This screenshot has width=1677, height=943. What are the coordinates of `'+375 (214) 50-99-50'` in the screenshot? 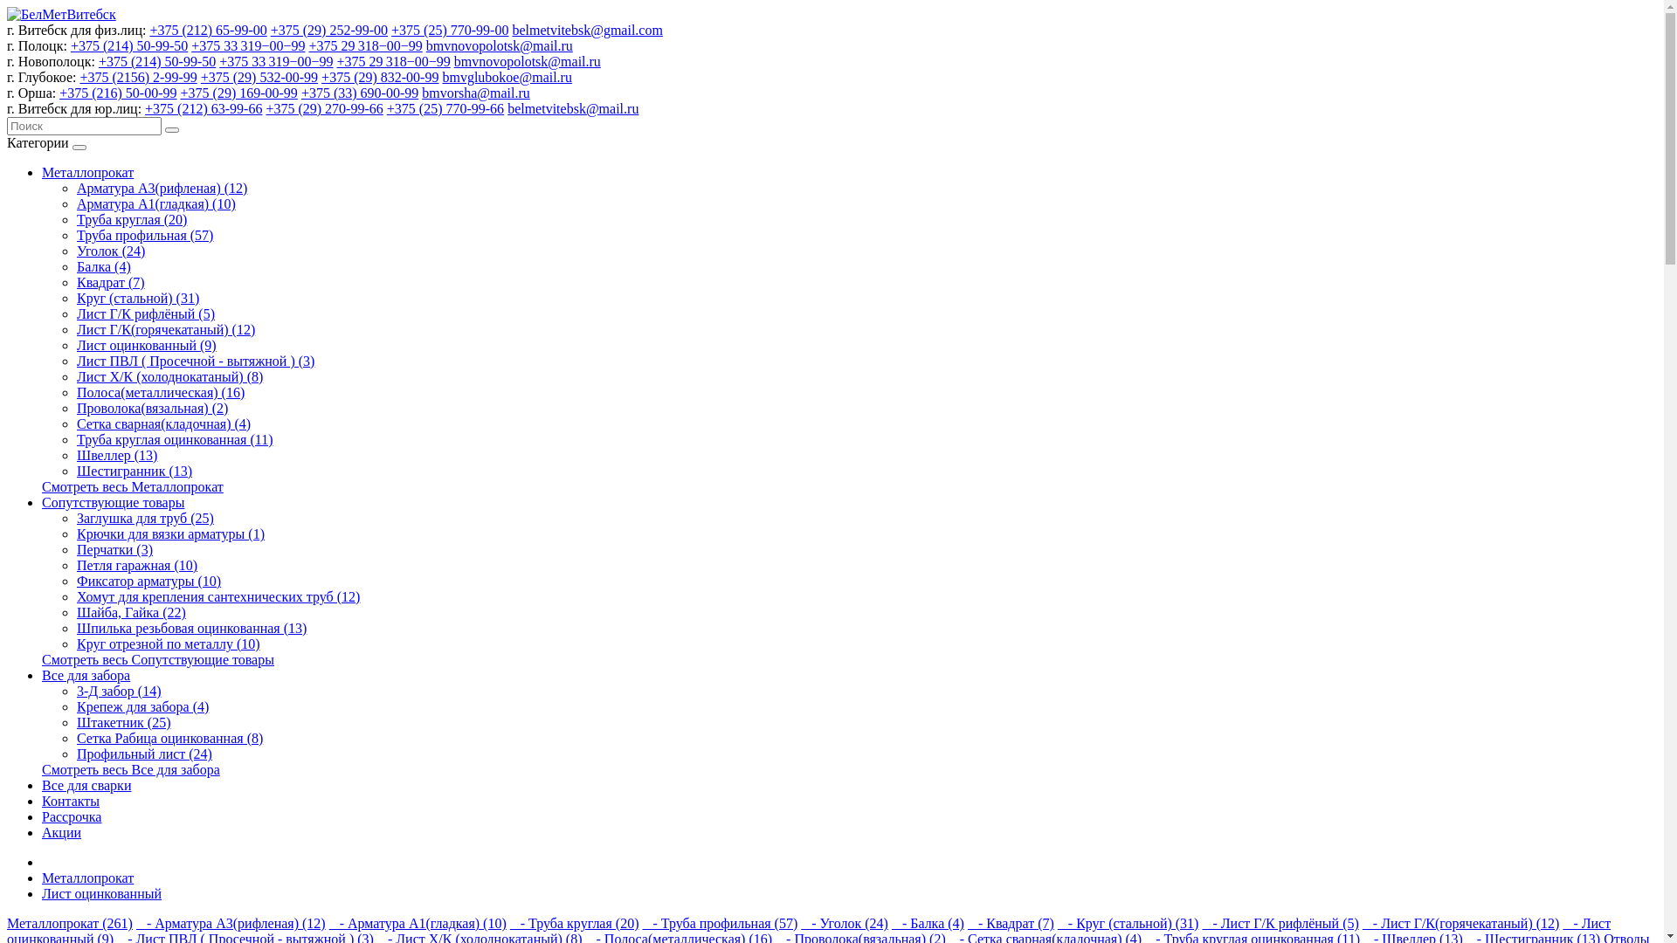 It's located at (157, 60).